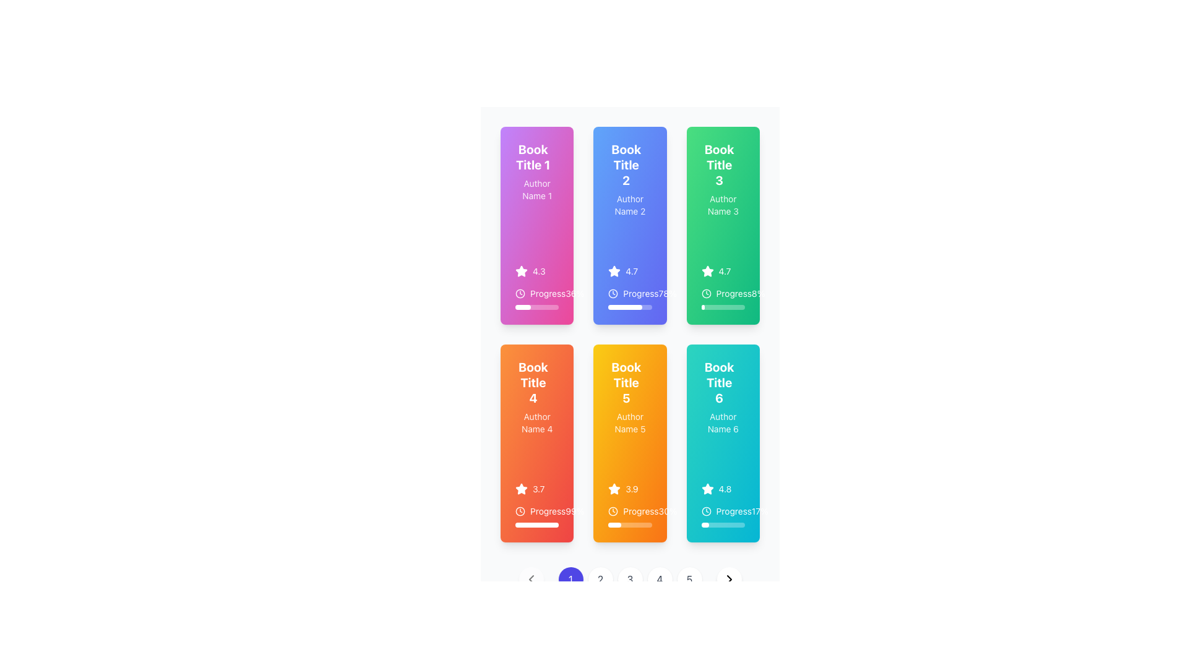  Describe the element at coordinates (706, 511) in the screenshot. I see `the circular vector graphic element resembling a clock face located in the lower right section of the card labeled 'Book Title 6', adjacent to the text 'Progress17%' and above a progress bar` at that location.